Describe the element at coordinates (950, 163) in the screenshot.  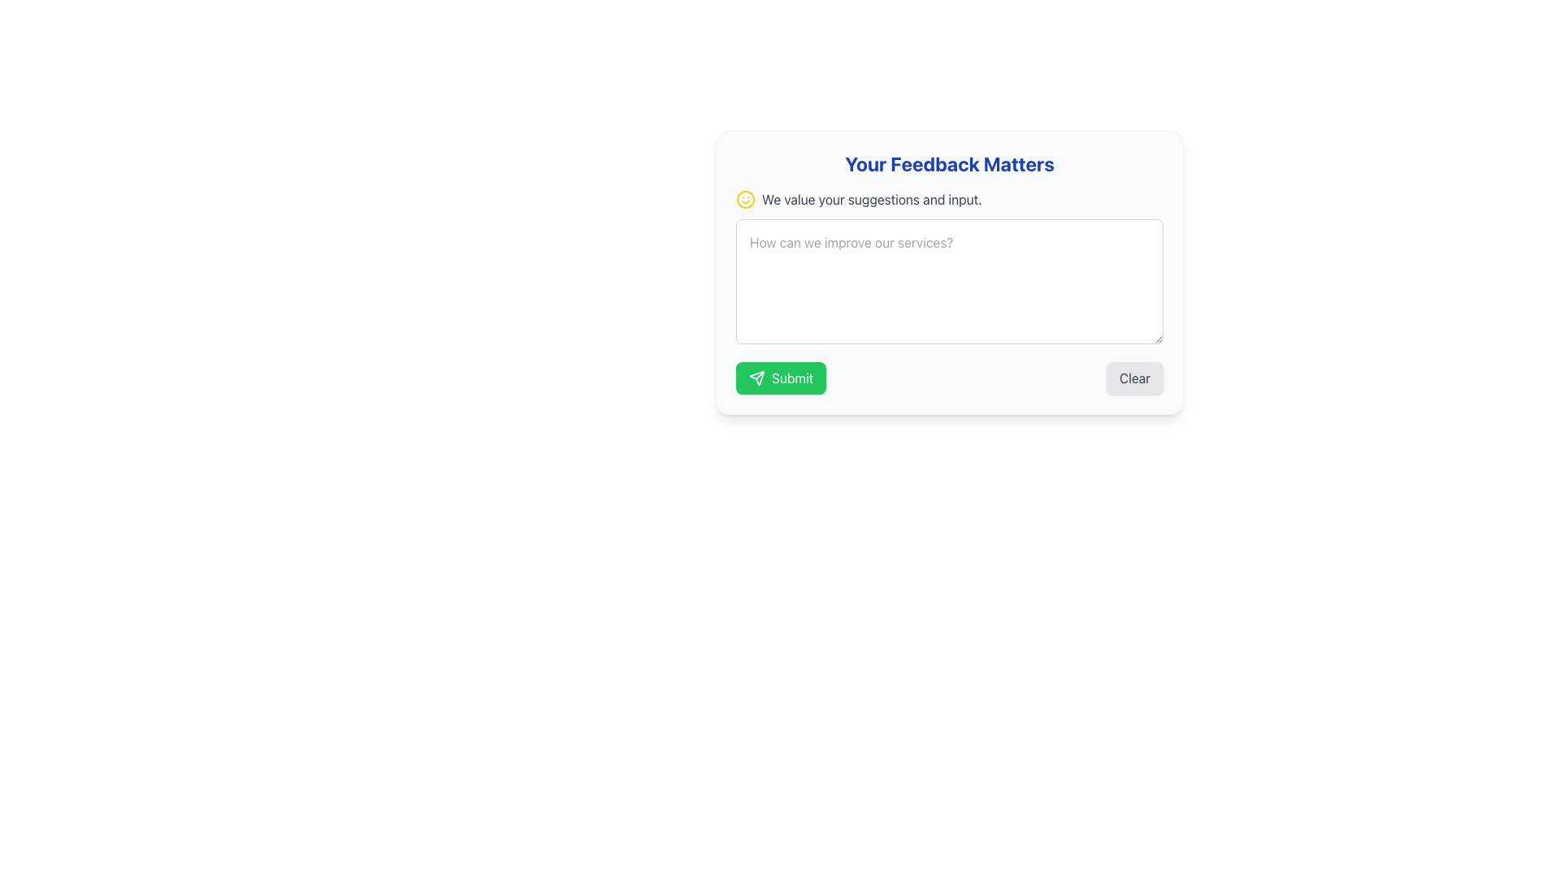
I see `the bold heading 'Your Feedback Matters' at the top of the user feedback form, which is styled with a large font size and centered alignment in blue color` at that location.